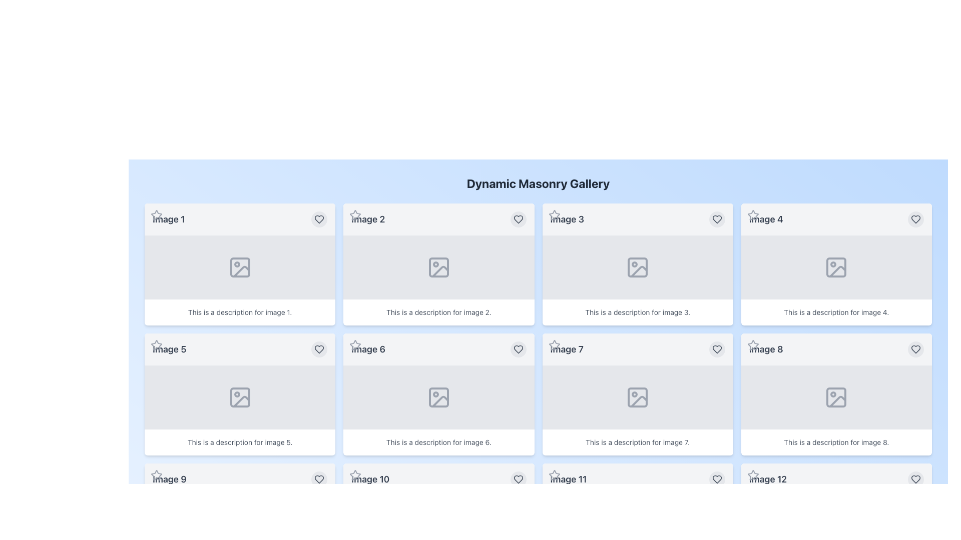 The image size is (961, 540). I want to click on the icon represented by an outlined picture frame with a circle and diagonal line, located centrally within the card labeled 'Image 2' in the top row of a three-by-four grid, so click(438, 267).